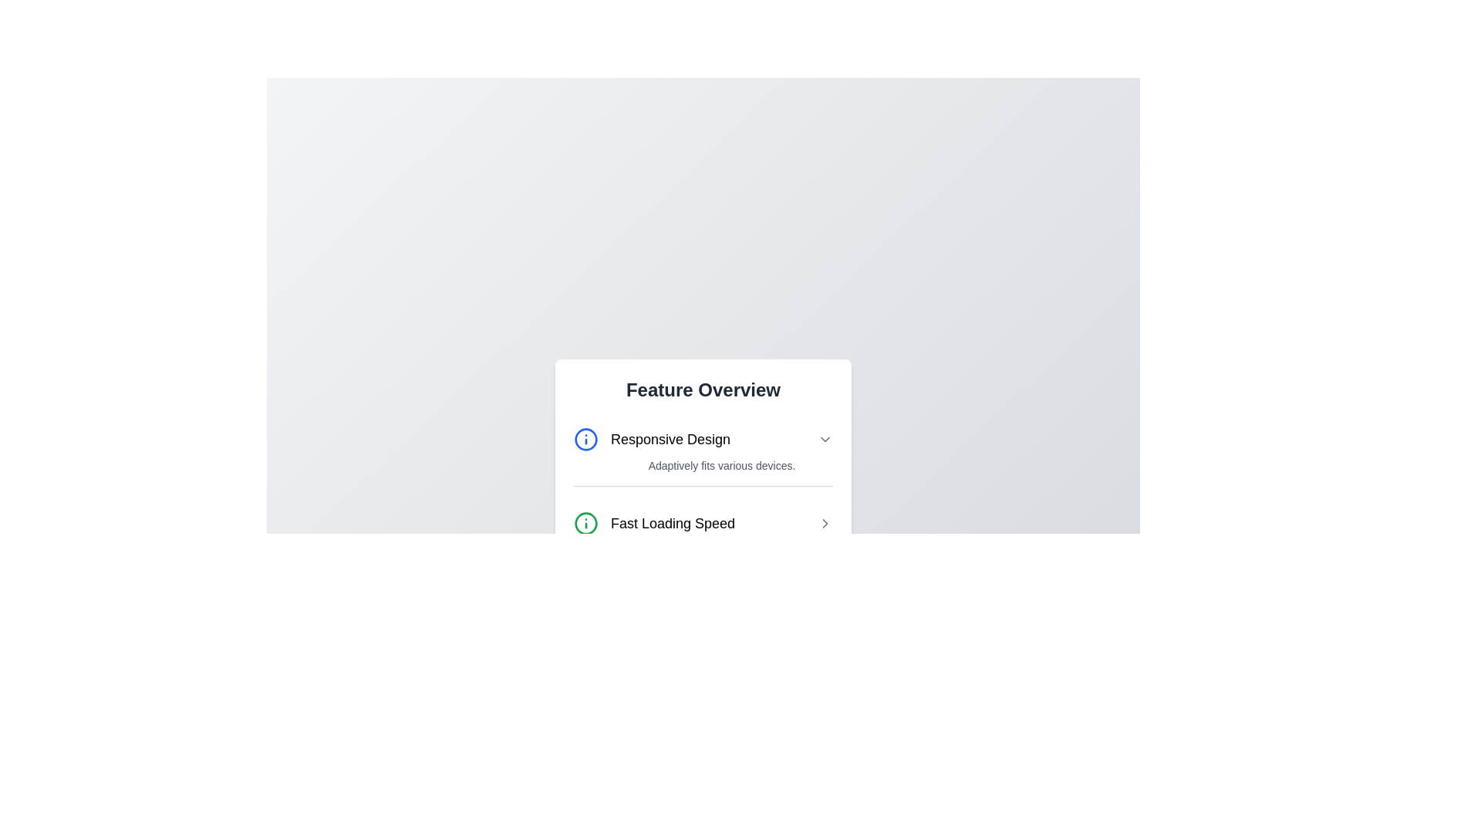 This screenshot has height=833, width=1481. I want to click on the static text element stating 'Adaptively fits various devices.' which is positioned below the header 'Responsive Design.', so click(703, 464).